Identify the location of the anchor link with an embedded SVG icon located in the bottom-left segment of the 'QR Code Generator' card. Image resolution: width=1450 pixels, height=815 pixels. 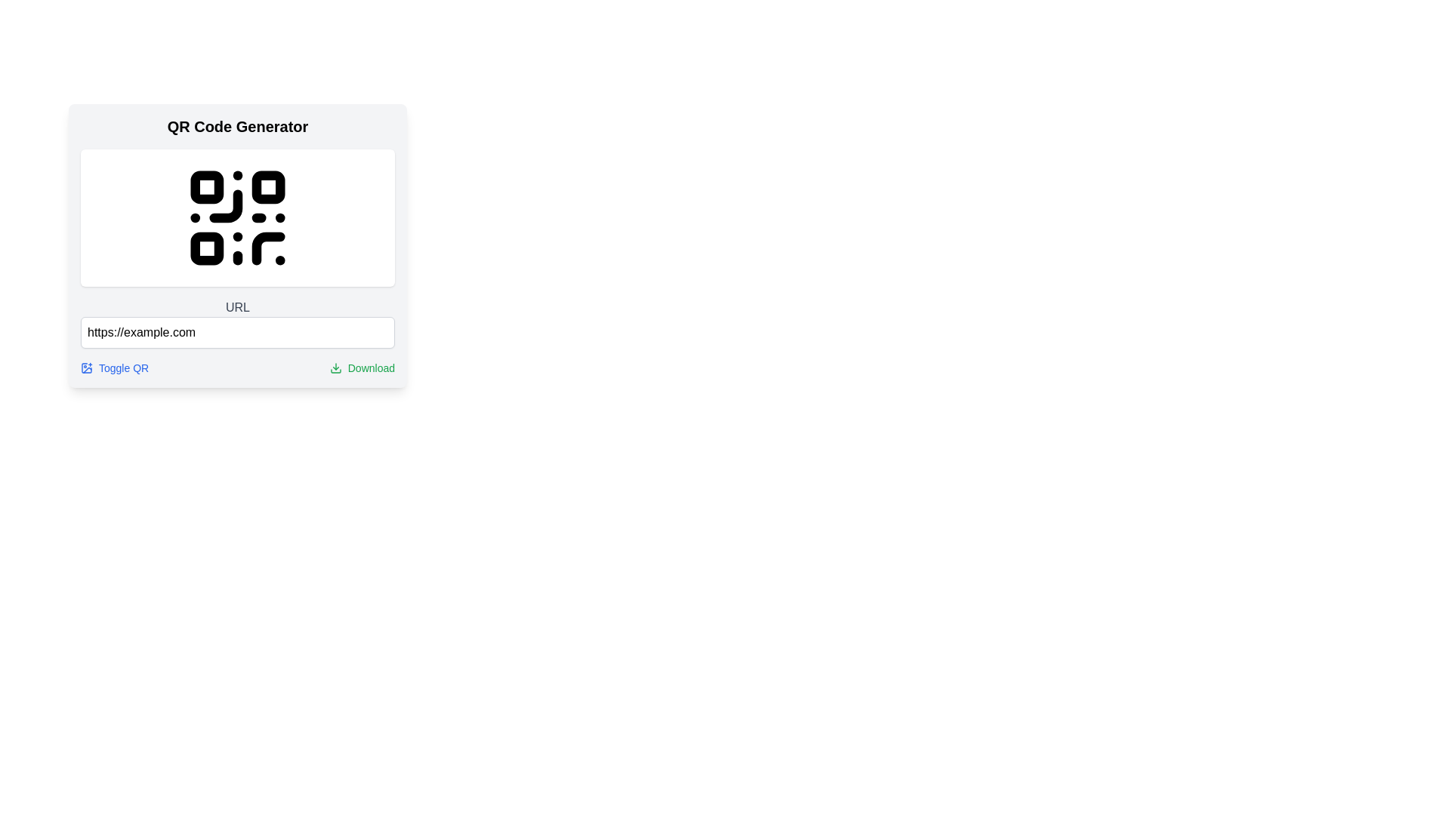
(114, 368).